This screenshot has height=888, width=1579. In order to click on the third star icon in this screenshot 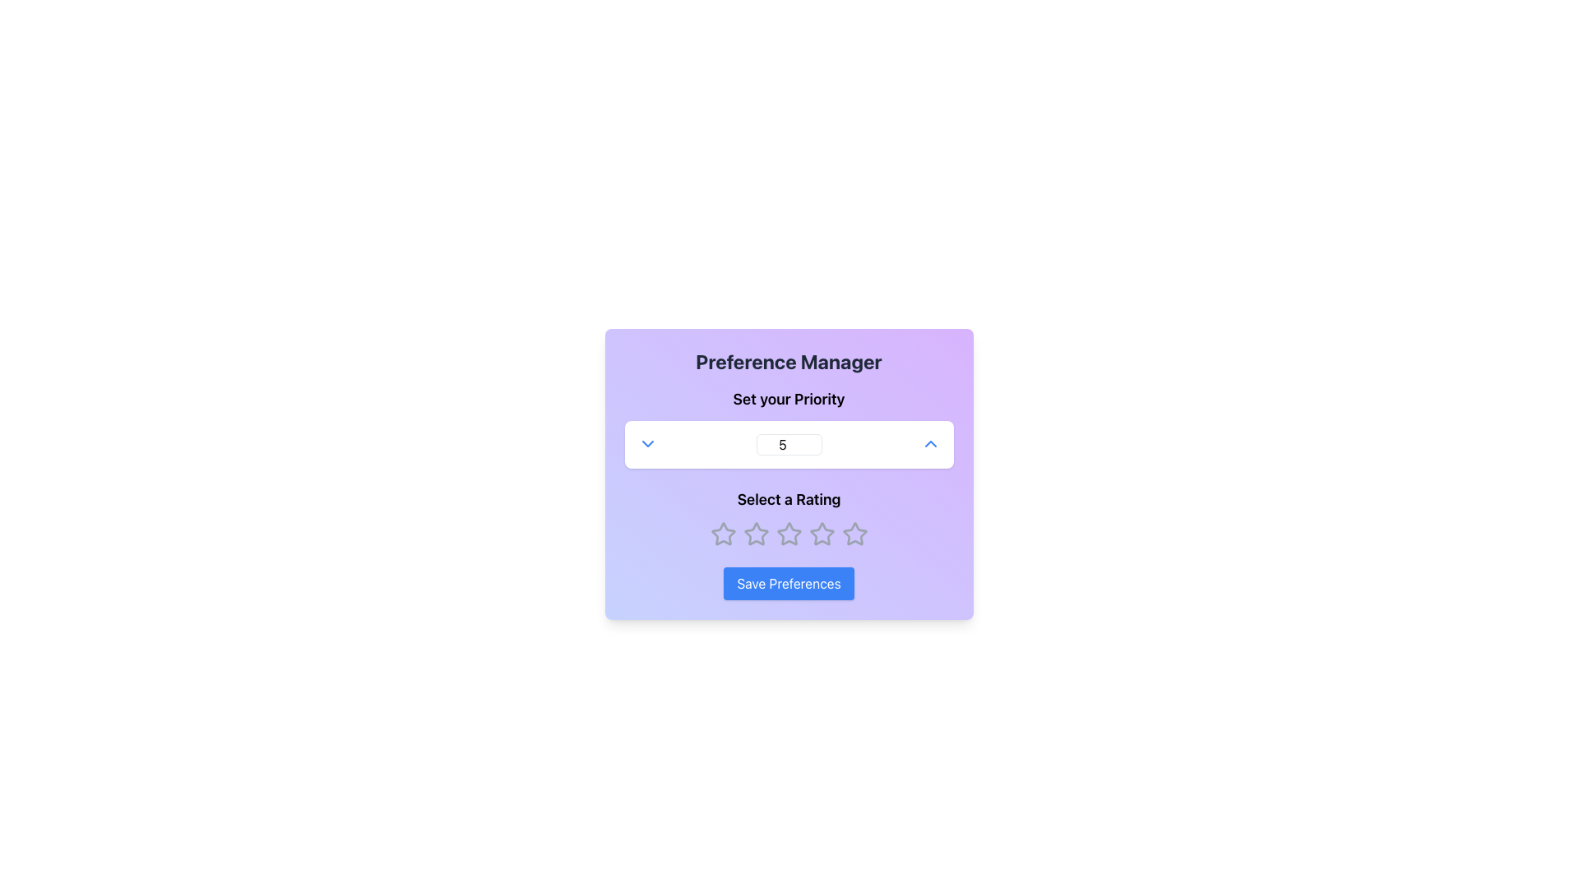, I will do `click(788, 533)`.